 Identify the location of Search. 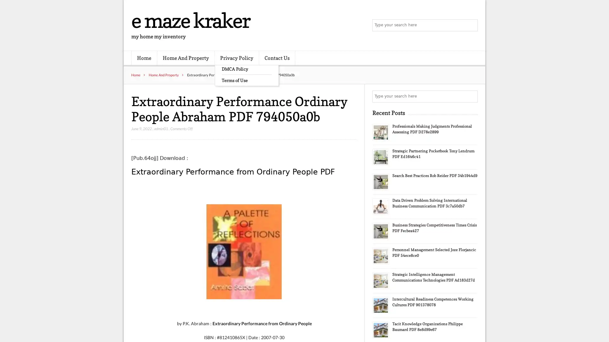
(471, 96).